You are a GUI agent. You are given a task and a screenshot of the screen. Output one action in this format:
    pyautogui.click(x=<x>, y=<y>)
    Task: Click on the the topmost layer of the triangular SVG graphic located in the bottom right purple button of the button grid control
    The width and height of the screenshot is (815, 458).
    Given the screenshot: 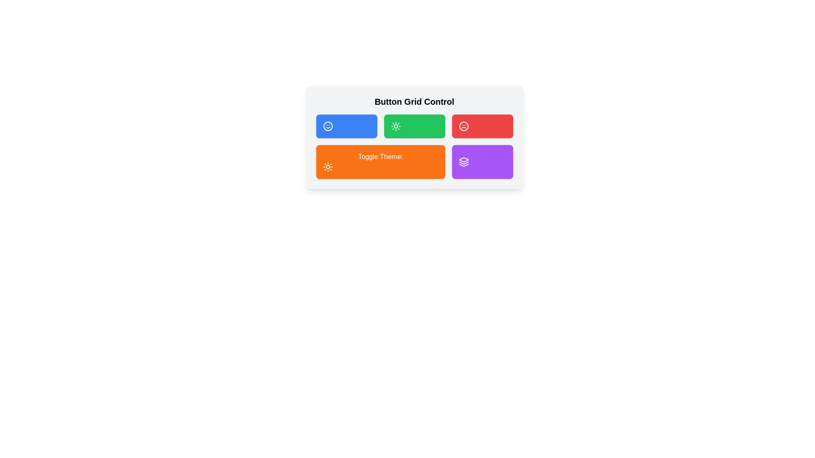 What is the action you would take?
    pyautogui.click(x=463, y=160)
    